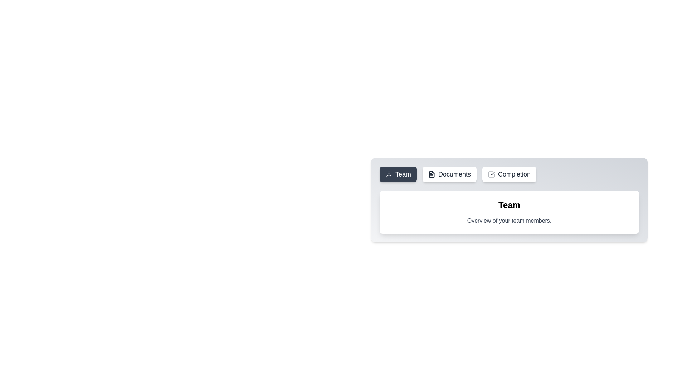 This screenshot has width=687, height=386. I want to click on the 'Team' button, which is a rounded rectangular button with a dark background and white text, so click(398, 174).